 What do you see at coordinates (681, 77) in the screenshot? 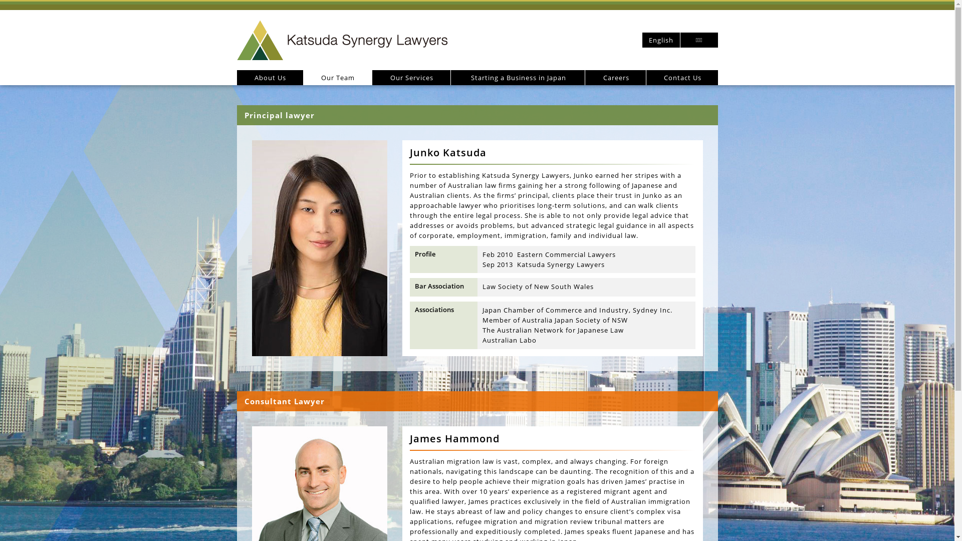
I see `'Contact Us'` at bounding box center [681, 77].